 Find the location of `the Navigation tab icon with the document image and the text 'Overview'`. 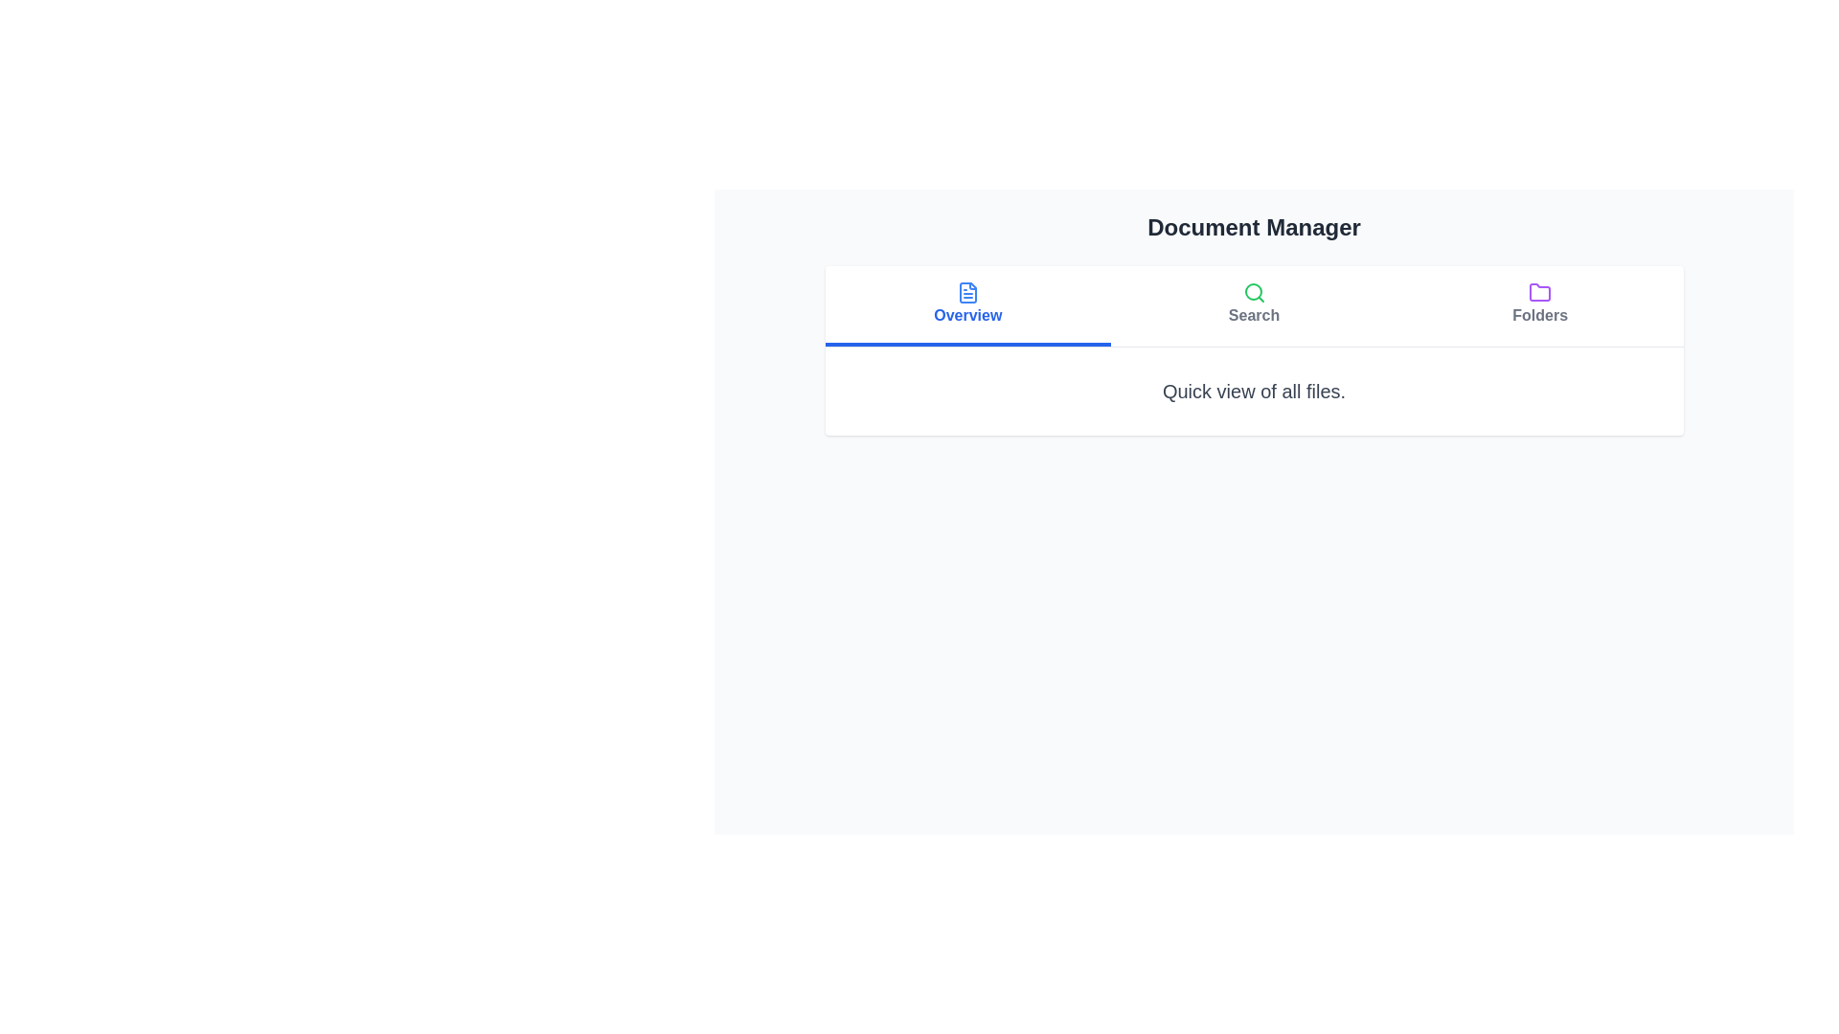

the Navigation tab icon with the document image and the text 'Overview' is located at coordinates (967, 303).